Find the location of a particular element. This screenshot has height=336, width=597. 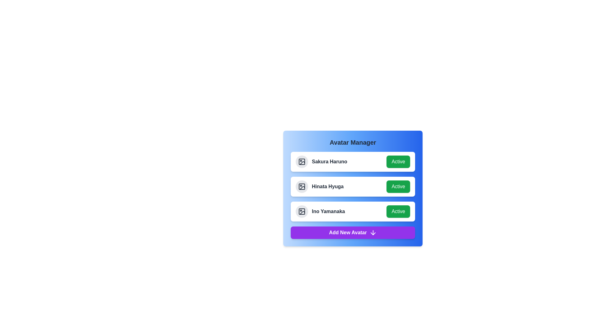

the button located at the bottom of the 'Avatar Manager' panel is located at coordinates (353, 233).